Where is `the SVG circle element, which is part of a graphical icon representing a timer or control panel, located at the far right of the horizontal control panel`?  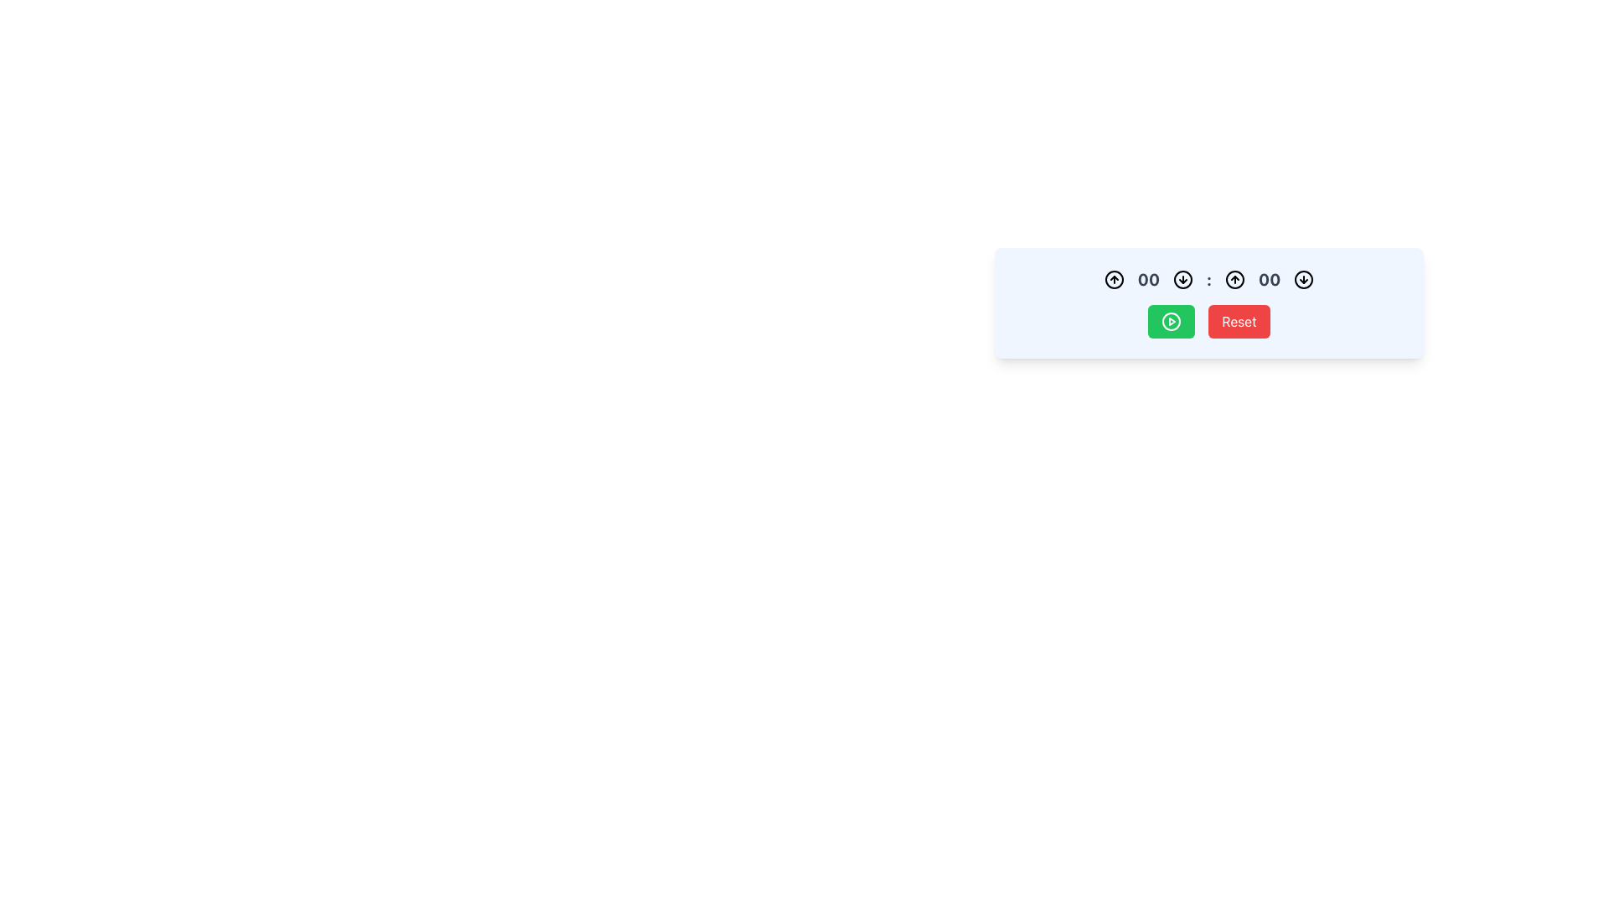
the SVG circle element, which is part of a graphical icon representing a timer or control panel, located at the far right of the horizontal control panel is located at coordinates (1303, 279).